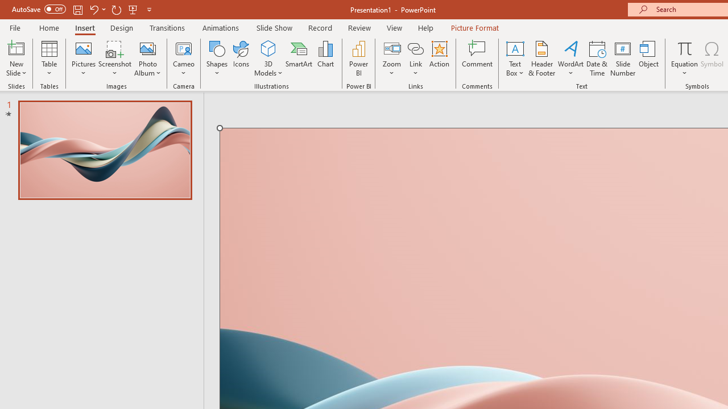 The image size is (728, 409). Describe the element at coordinates (649, 59) in the screenshot. I see `'Object...'` at that location.